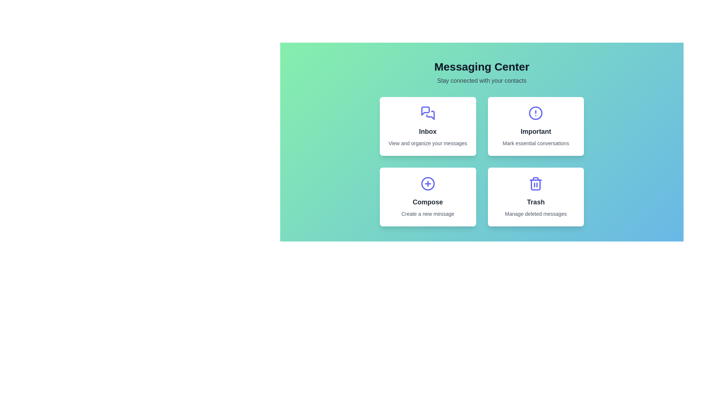 The image size is (706, 397). I want to click on text label that says 'Compose', which is styled with a bold sans-serif font and is dark gray against a white background, located in the second row, first column card labeled 'Compose Create a new message', so click(428, 202).